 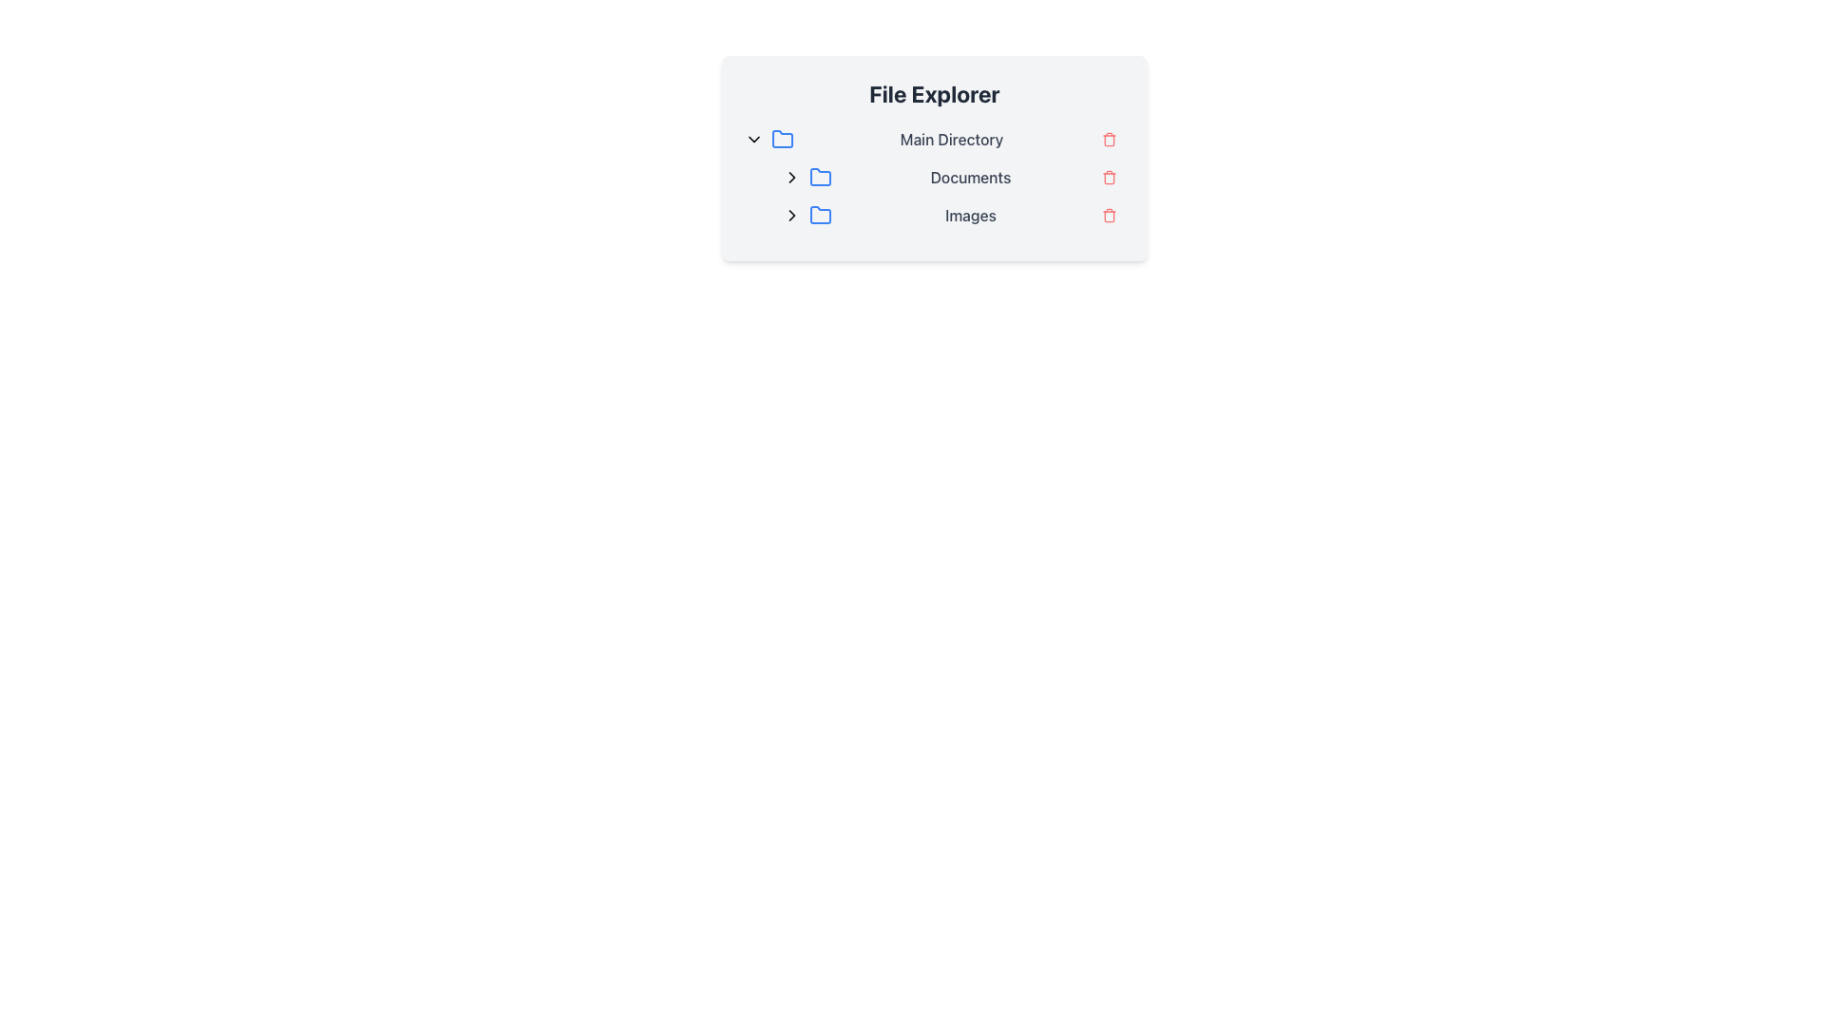 What do you see at coordinates (821, 215) in the screenshot?
I see `the blue outlined folder icon in the file explorer interface, located immediately to the left of the 'Images' label` at bounding box center [821, 215].